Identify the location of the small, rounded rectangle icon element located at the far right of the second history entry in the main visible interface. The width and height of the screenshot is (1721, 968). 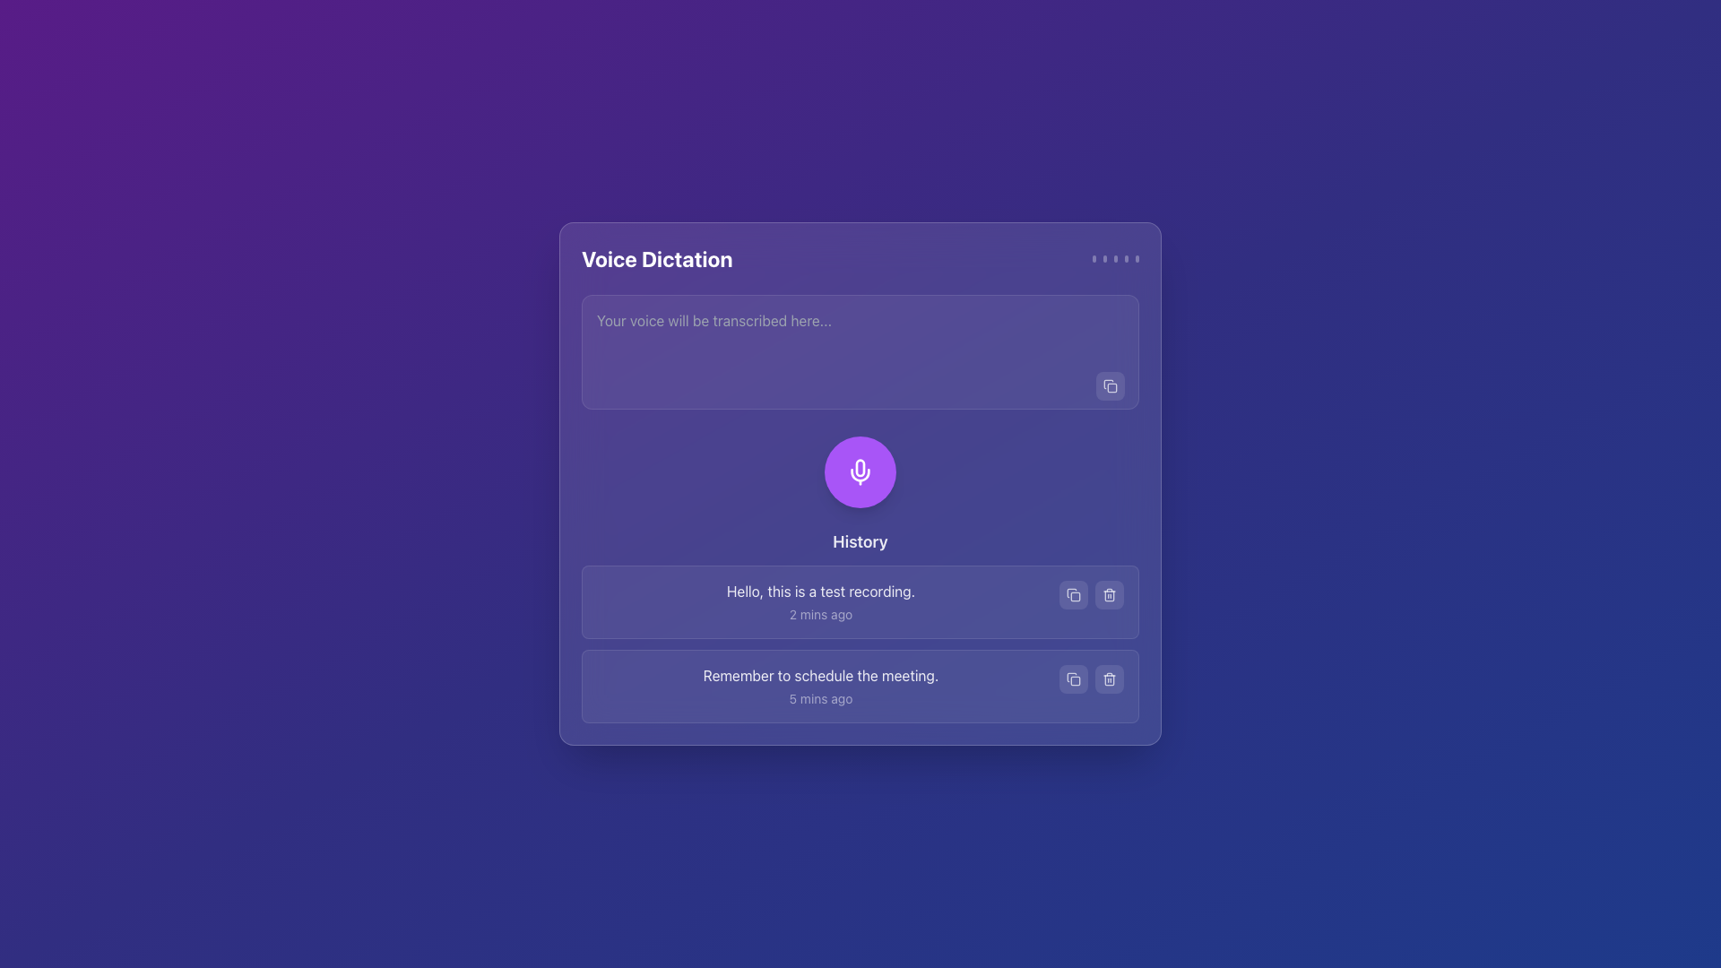
(1076, 597).